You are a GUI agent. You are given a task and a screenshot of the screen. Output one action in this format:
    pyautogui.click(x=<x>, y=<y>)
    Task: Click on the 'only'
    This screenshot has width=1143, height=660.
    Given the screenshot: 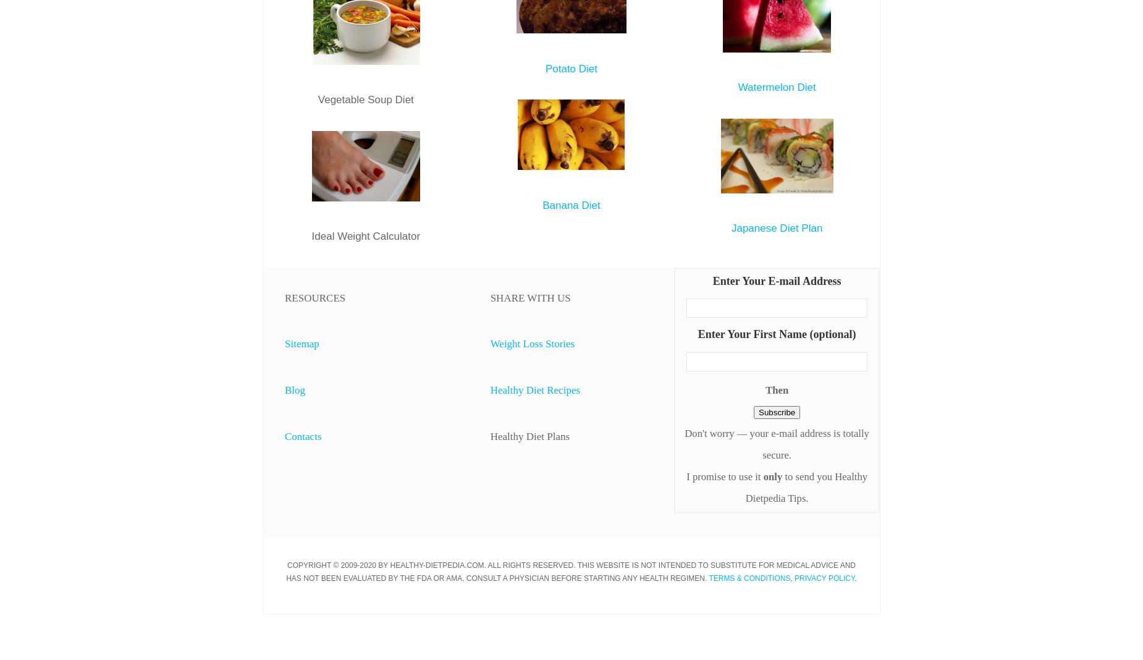 What is the action you would take?
    pyautogui.click(x=762, y=476)
    